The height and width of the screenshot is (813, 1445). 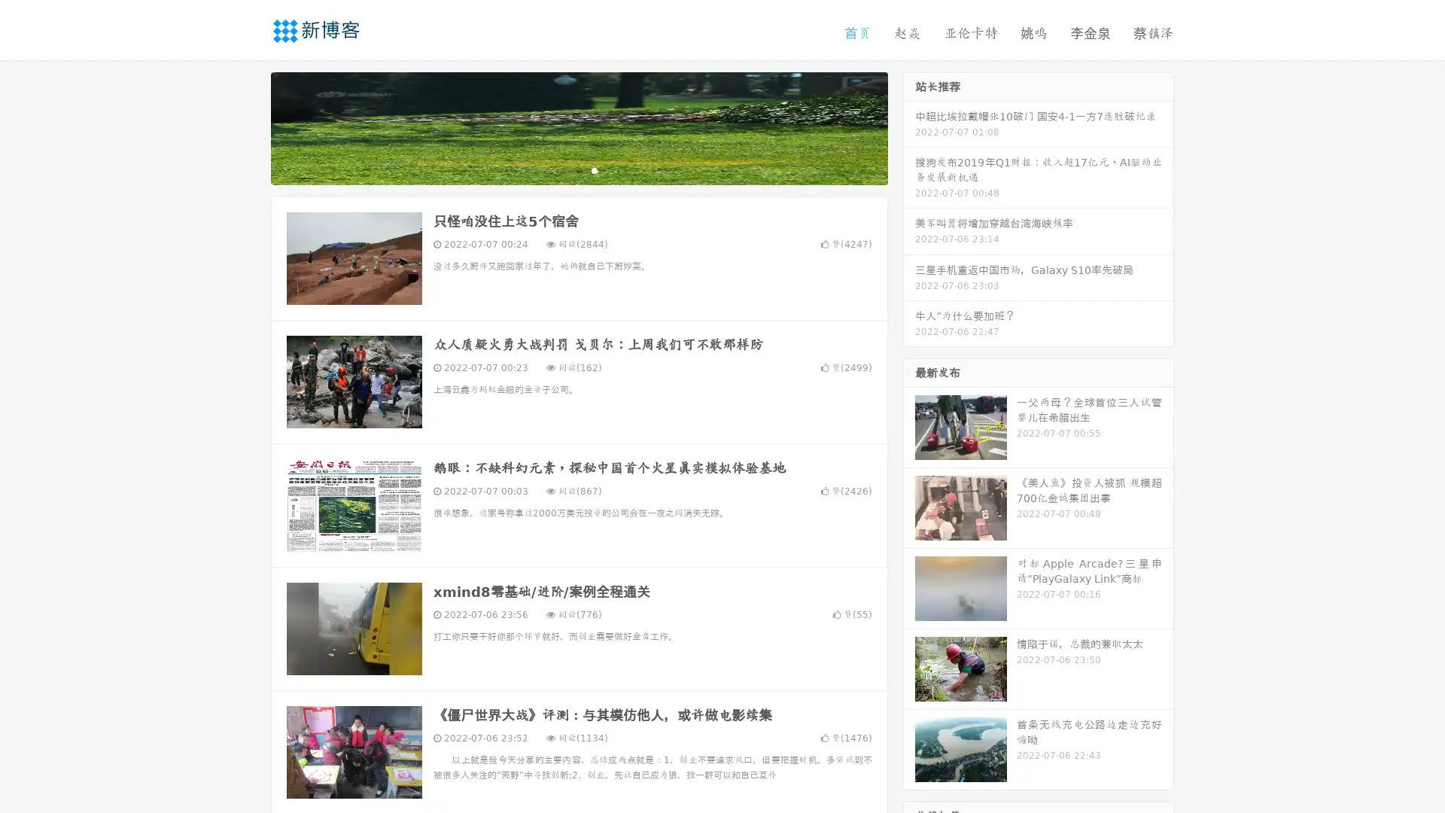 What do you see at coordinates (909, 126) in the screenshot?
I see `Next slide` at bounding box center [909, 126].